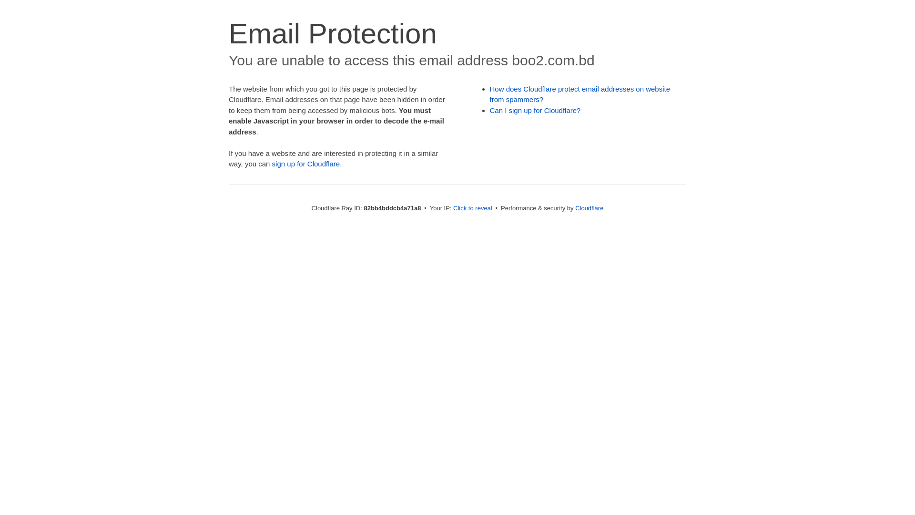 The height and width of the screenshot is (515, 915). What do you see at coordinates (535, 110) in the screenshot?
I see `'Can I sign up for Cloudflare?'` at bounding box center [535, 110].